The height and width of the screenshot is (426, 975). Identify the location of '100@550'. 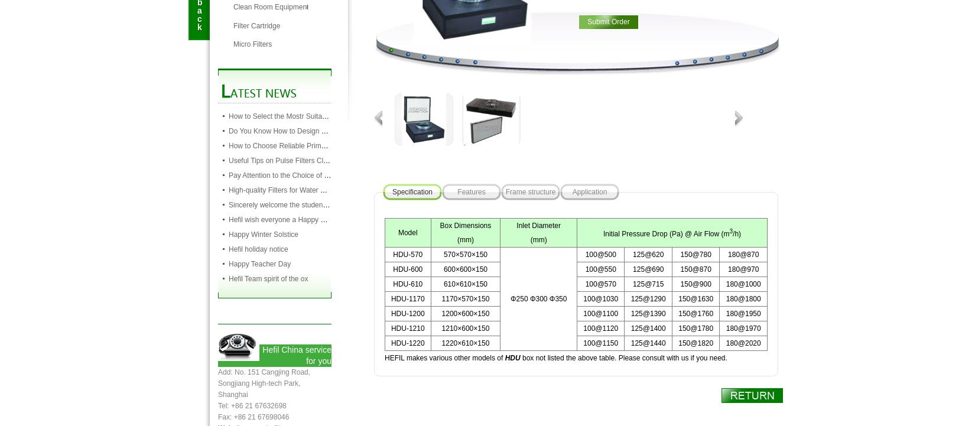
(585, 269).